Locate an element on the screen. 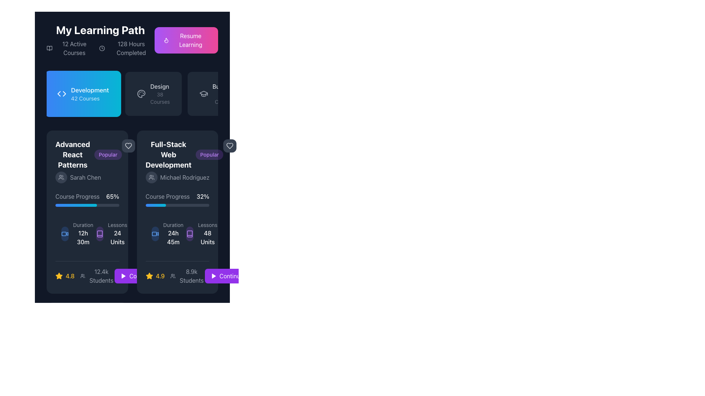 This screenshot has height=396, width=705. the play icon located to the left of the 'Continue' label in the button, which is positioned at the bottom-right of the interface is located at coordinates (123, 276).